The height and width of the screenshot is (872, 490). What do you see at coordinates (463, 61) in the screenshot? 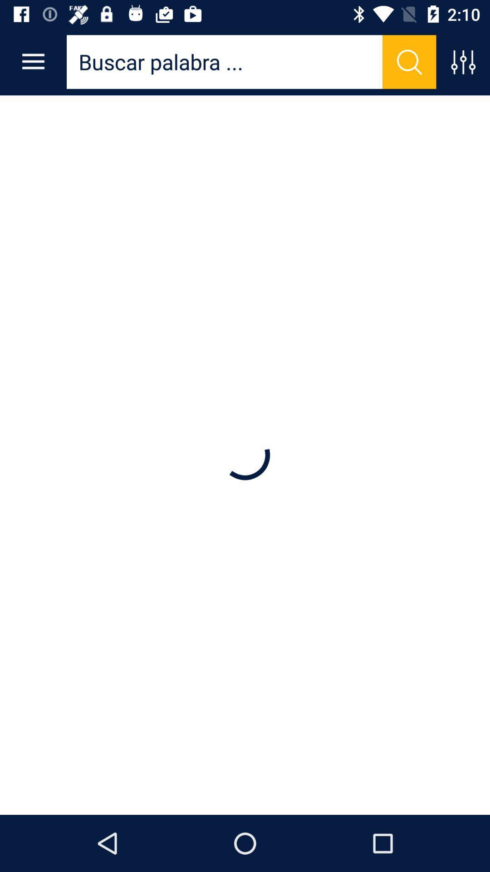
I see `change the filters` at bounding box center [463, 61].